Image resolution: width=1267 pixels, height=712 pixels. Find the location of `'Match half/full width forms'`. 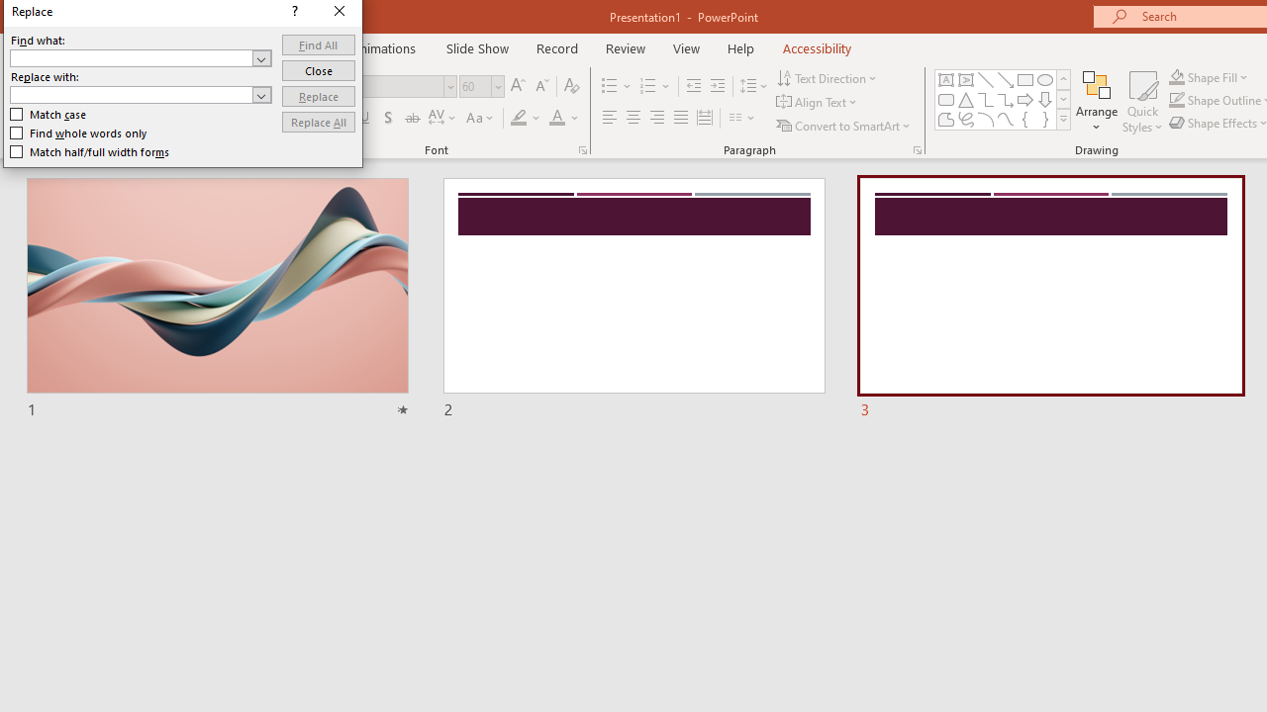

'Match half/full width forms' is located at coordinates (89, 151).